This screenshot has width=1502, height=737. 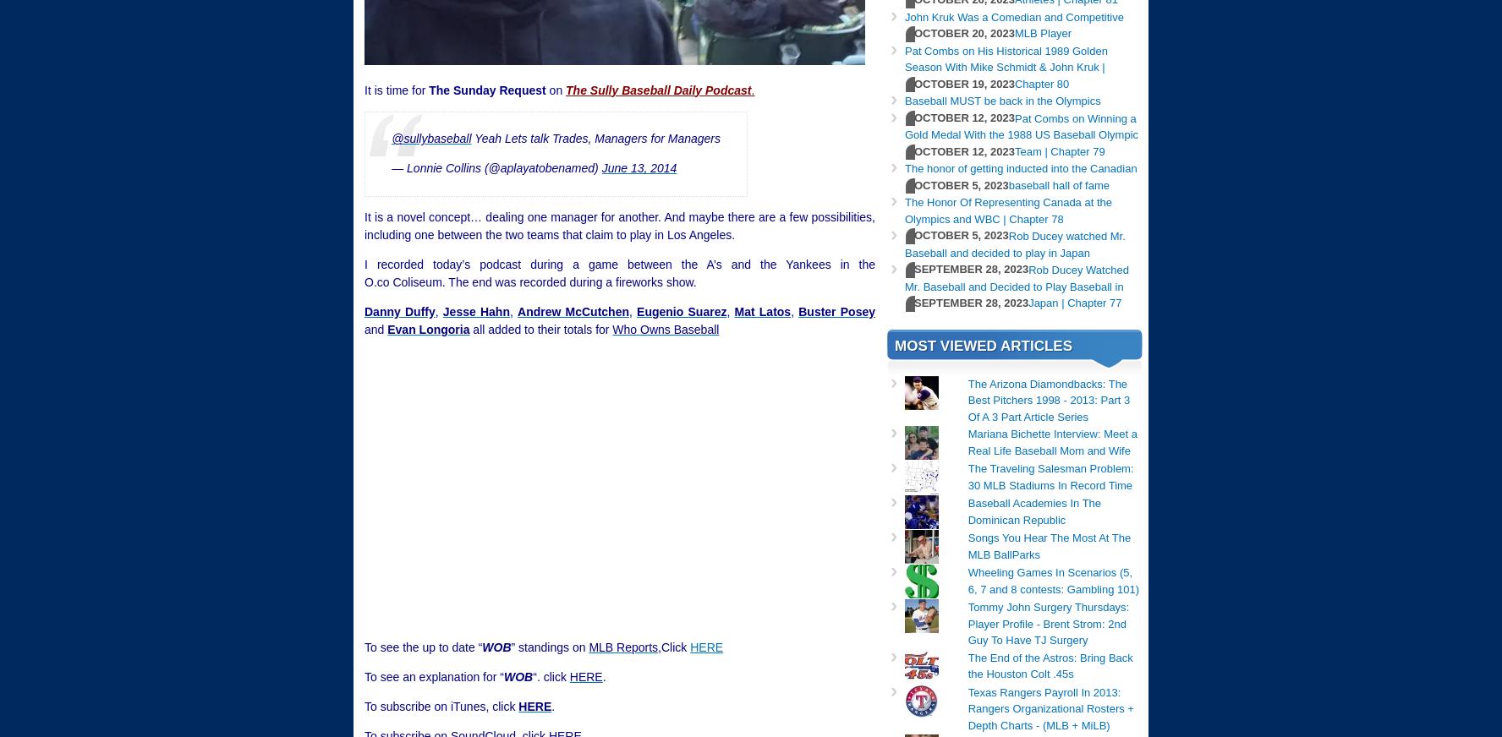 What do you see at coordinates (612, 329) in the screenshot?
I see `'Who Owns Baseball'` at bounding box center [612, 329].